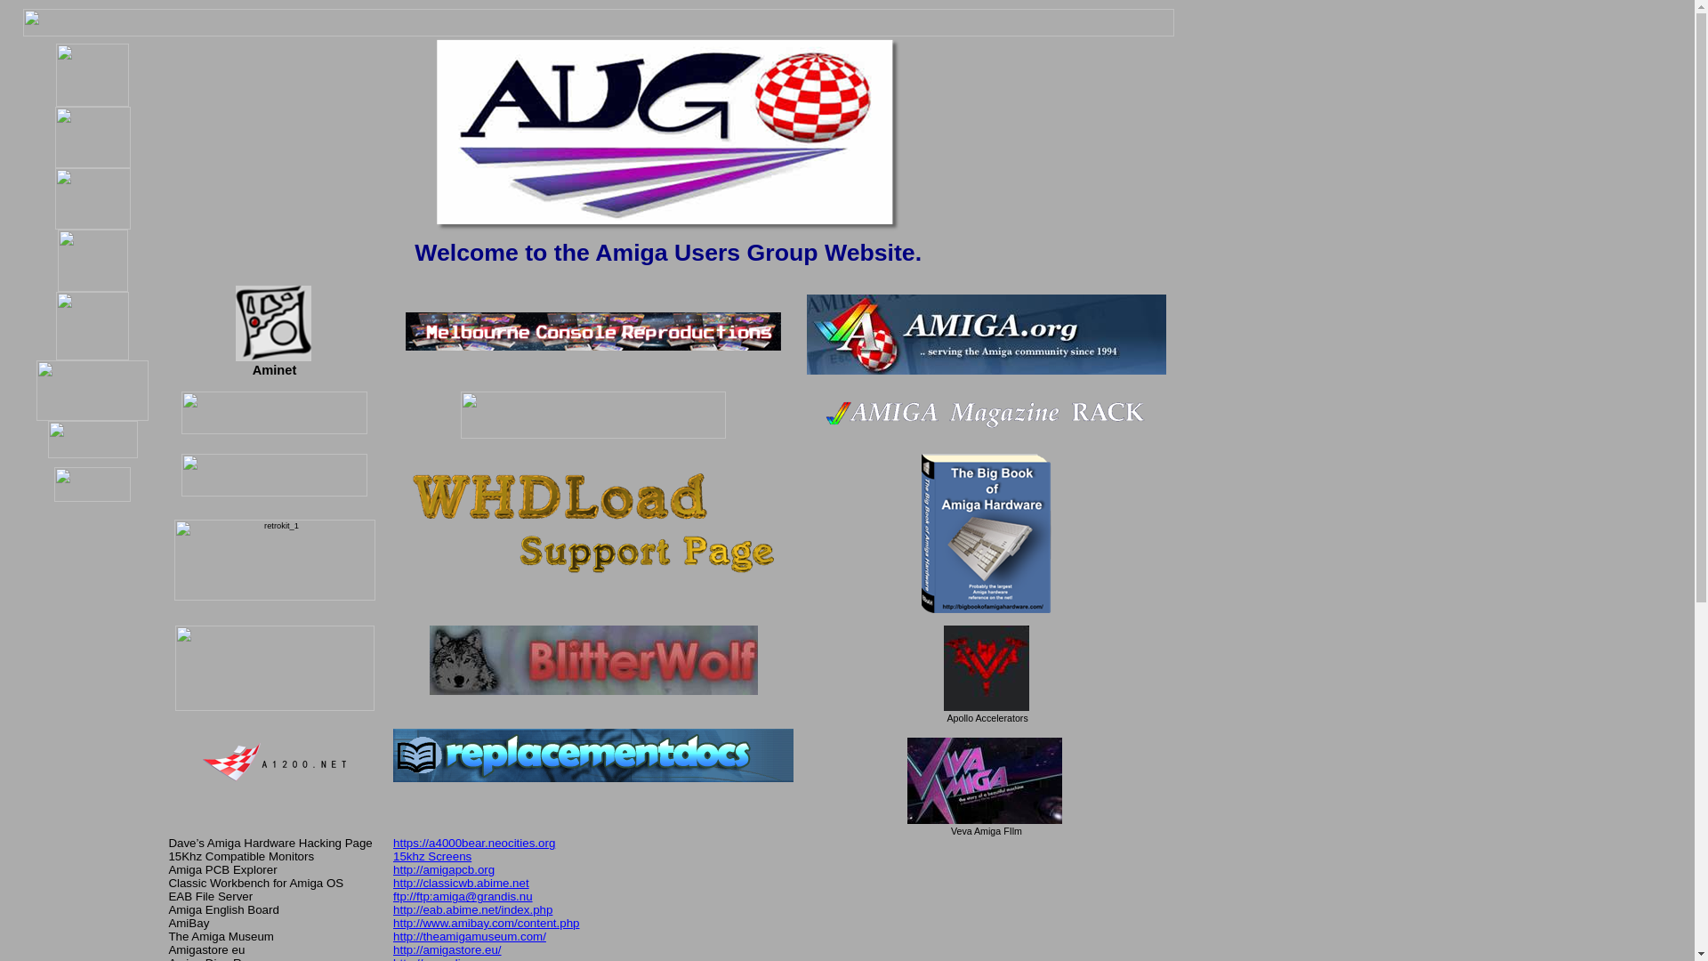 This screenshot has height=961, width=1708. I want to click on 'http://amigastore.eu/', so click(447, 949).